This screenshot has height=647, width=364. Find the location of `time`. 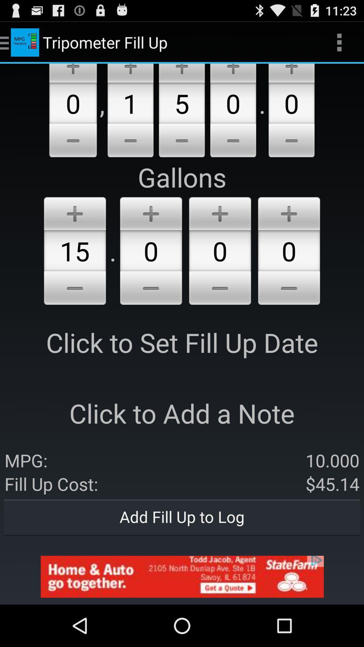

time is located at coordinates (151, 289).